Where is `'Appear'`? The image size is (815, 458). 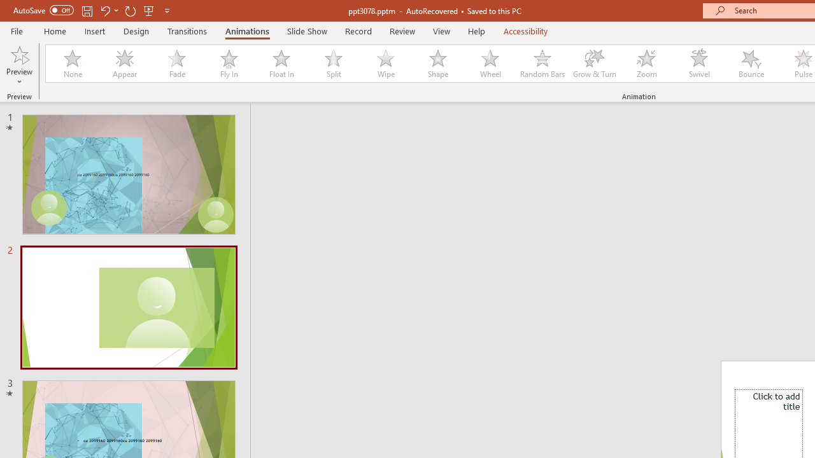 'Appear' is located at coordinates (124, 64).